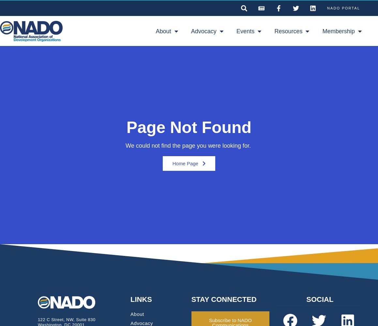 This screenshot has height=326, width=378. Describe the element at coordinates (288, 31) in the screenshot. I see `'Resources'` at that location.